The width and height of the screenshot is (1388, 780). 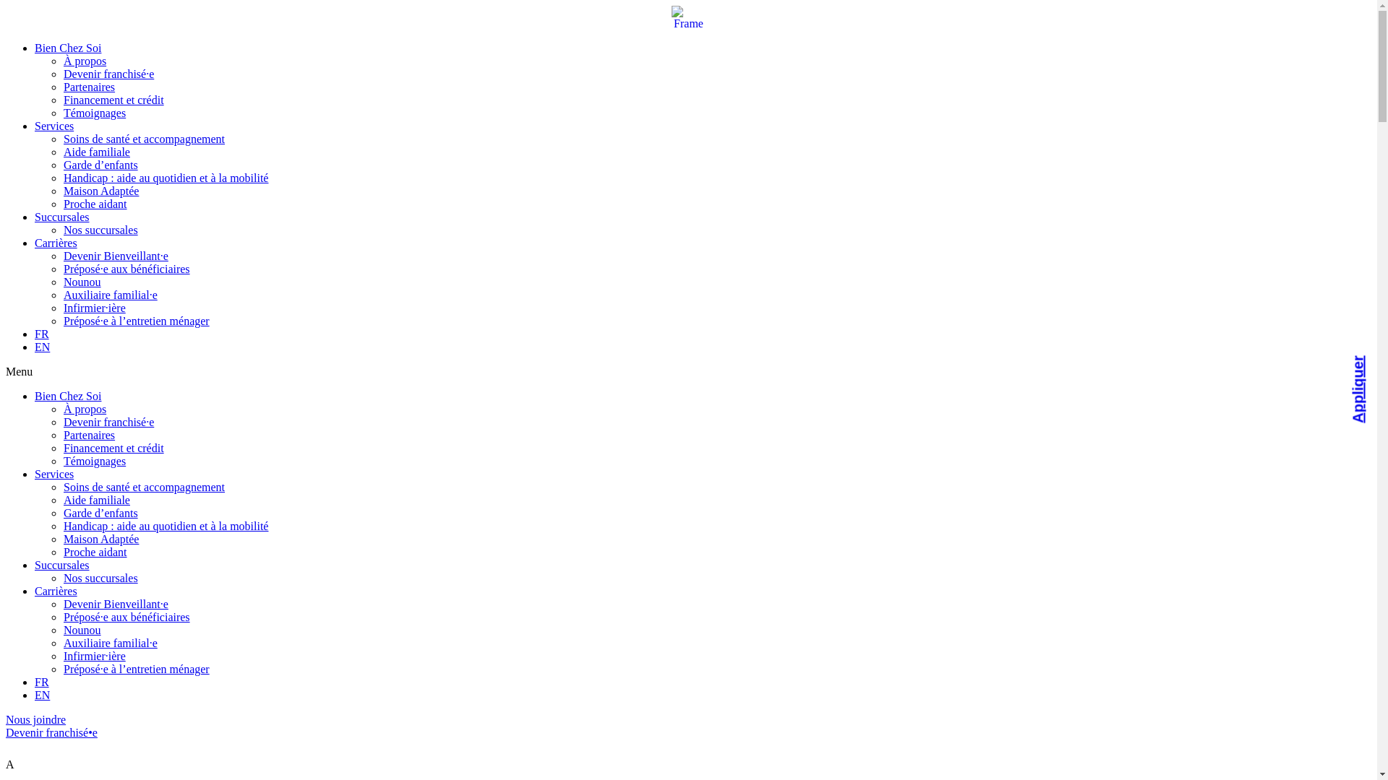 I want to click on 'FR', so click(x=41, y=334).